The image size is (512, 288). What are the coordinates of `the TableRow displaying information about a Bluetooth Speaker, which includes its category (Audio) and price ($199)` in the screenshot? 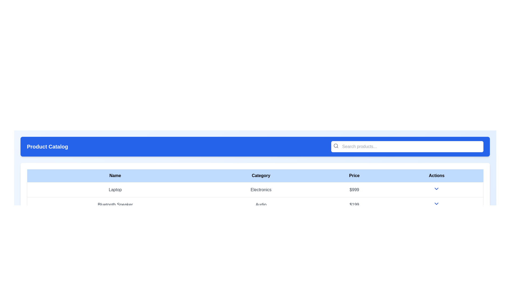 It's located at (255, 204).